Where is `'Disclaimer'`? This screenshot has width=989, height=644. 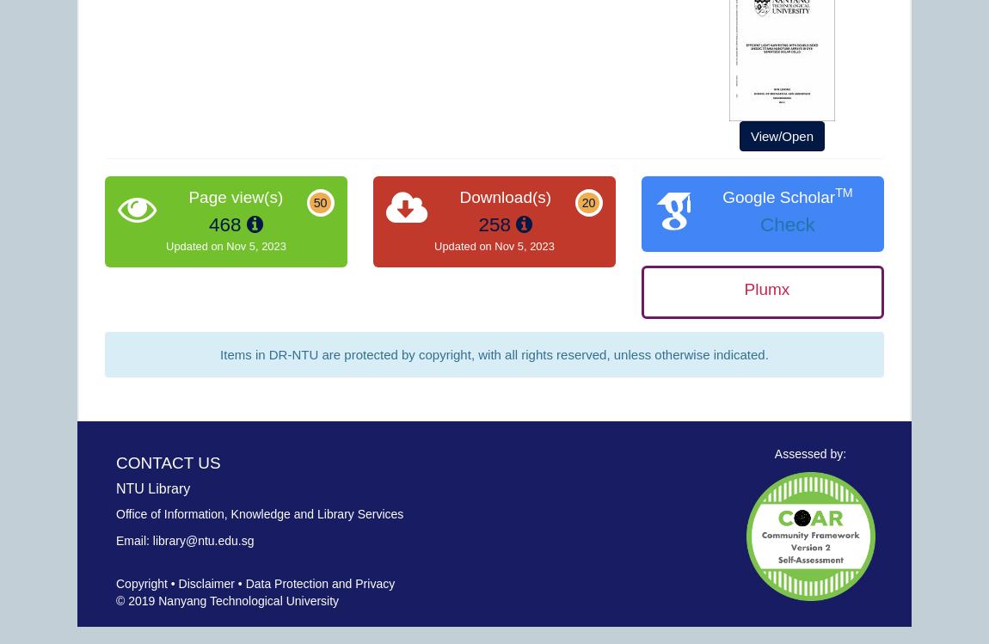
'Disclaimer' is located at coordinates (205, 583).